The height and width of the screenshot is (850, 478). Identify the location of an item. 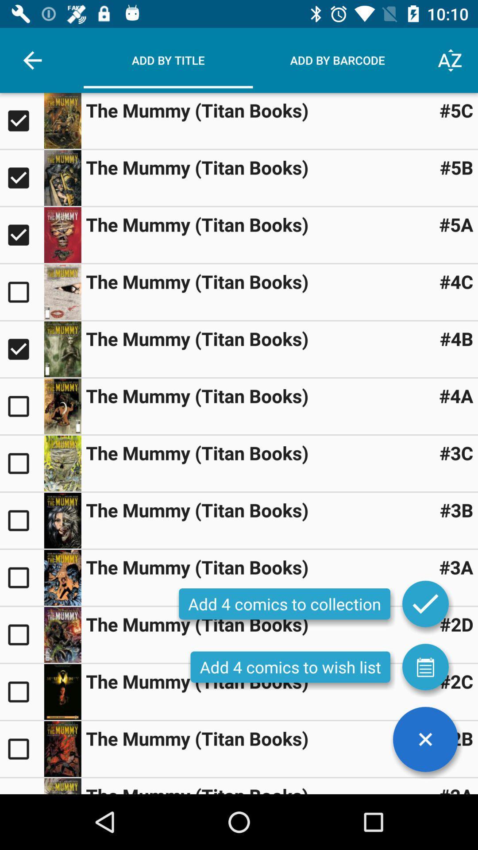
(21, 578).